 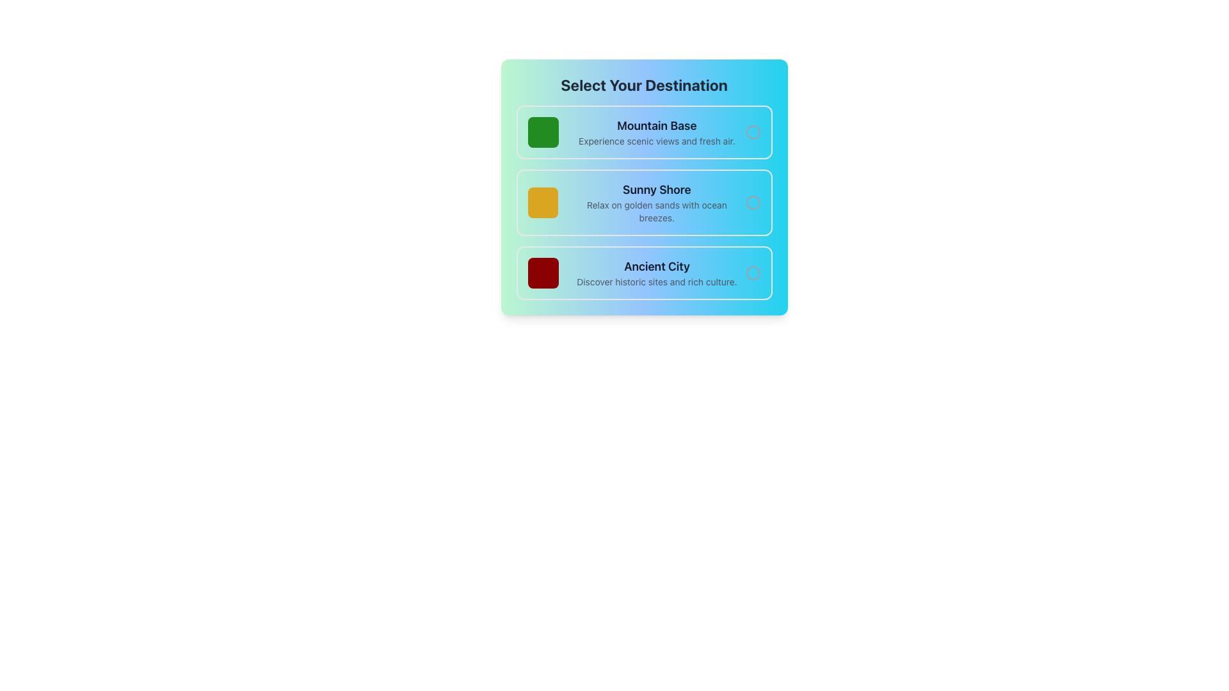 I want to click on the 'Sunny Shore' title text label, which is located in the second group of items under the header 'Select Your Destination', so click(x=657, y=190).